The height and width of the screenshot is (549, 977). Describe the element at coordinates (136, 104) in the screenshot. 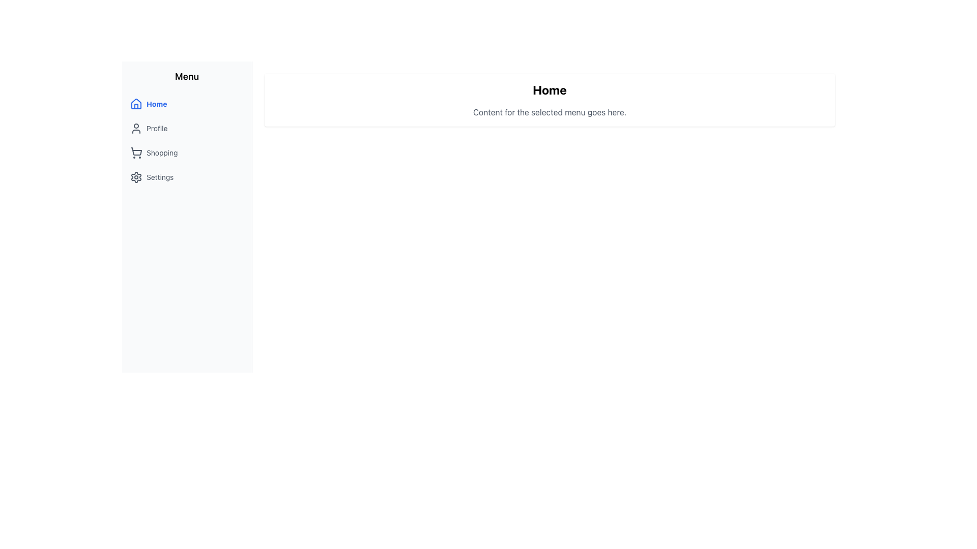

I see `the house-shaped icon in the sidebar menu` at that location.